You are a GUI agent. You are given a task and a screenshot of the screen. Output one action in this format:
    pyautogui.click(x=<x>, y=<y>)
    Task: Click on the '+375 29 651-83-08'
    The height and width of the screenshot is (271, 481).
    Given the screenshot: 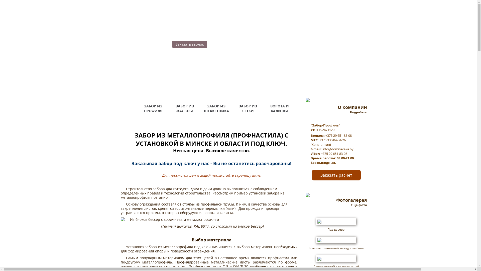 What is the action you would take?
    pyautogui.click(x=325, y=135)
    